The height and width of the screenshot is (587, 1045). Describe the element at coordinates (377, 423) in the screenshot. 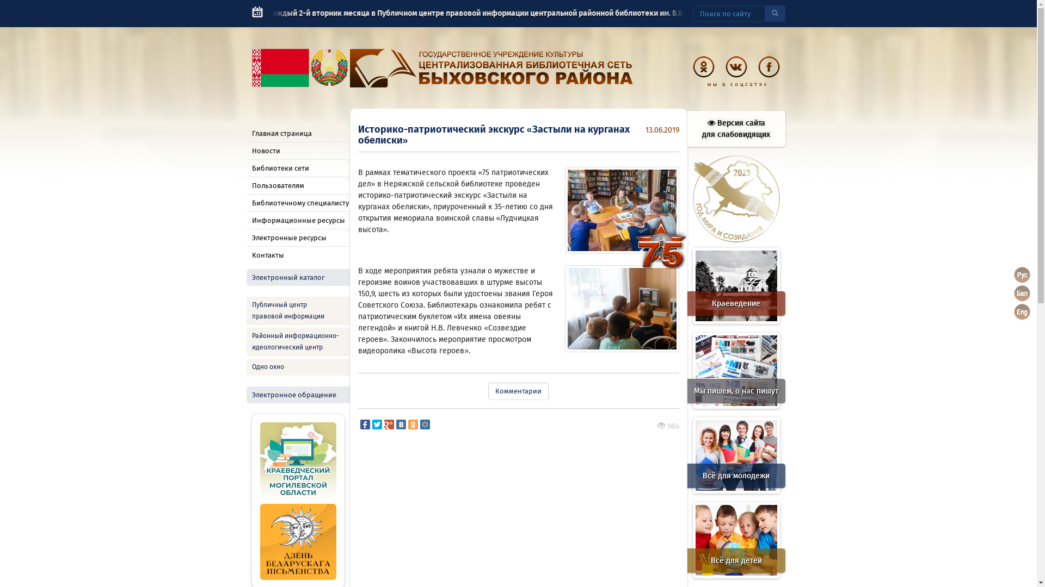

I see `'Twitter'` at that location.